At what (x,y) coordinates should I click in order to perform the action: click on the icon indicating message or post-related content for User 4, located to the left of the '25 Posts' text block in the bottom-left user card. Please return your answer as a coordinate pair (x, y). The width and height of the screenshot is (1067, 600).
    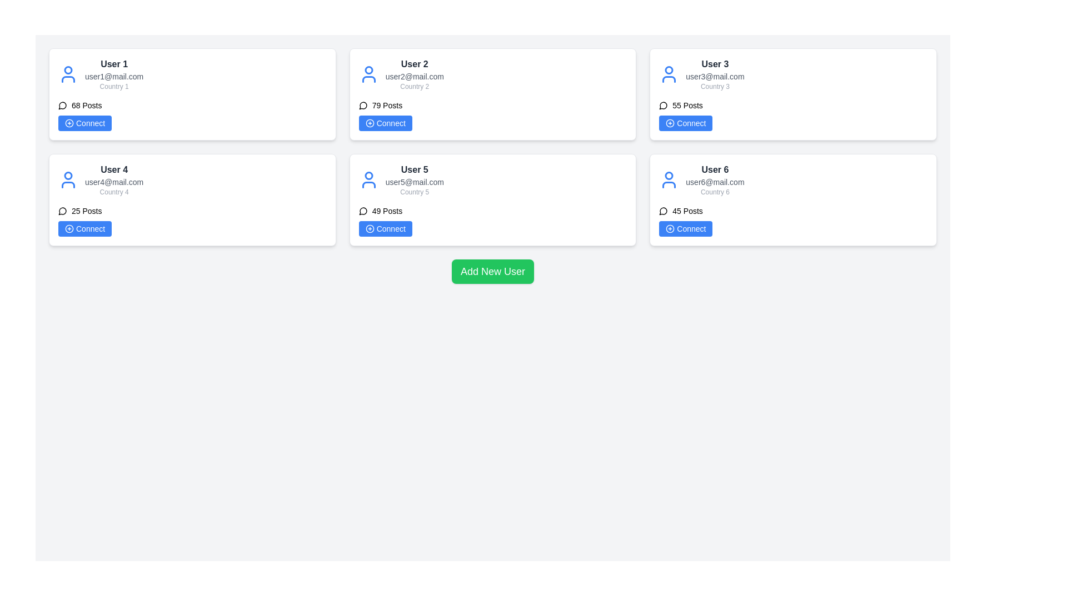
    Looking at the image, I should click on (62, 211).